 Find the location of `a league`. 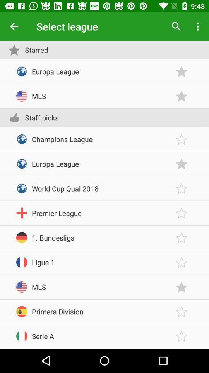

a league is located at coordinates (182, 213).